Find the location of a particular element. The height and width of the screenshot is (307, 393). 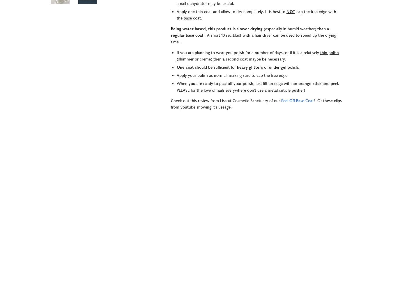

'Check out this review from Lisa at Cosmetic Sanctuary of our' is located at coordinates (226, 100).